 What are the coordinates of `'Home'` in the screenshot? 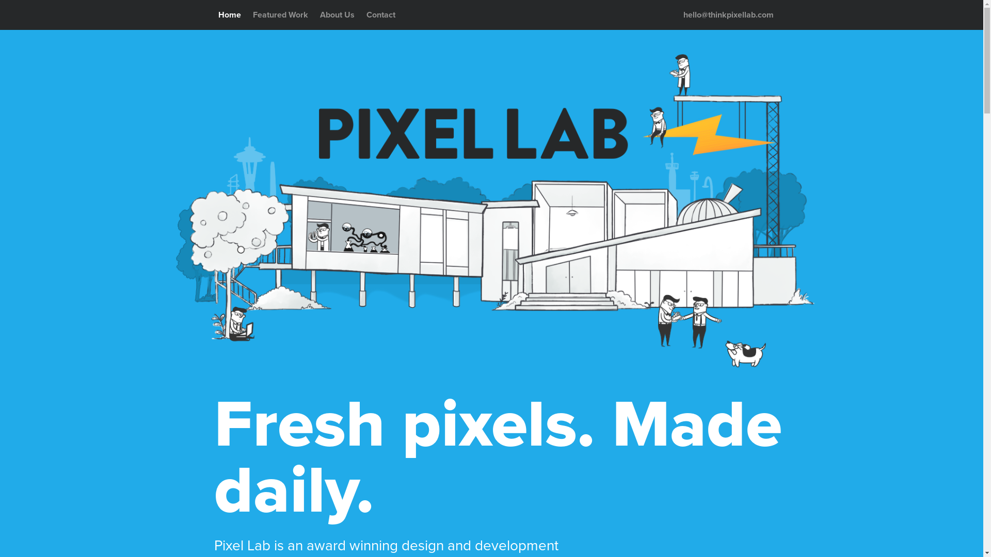 It's located at (229, 15).